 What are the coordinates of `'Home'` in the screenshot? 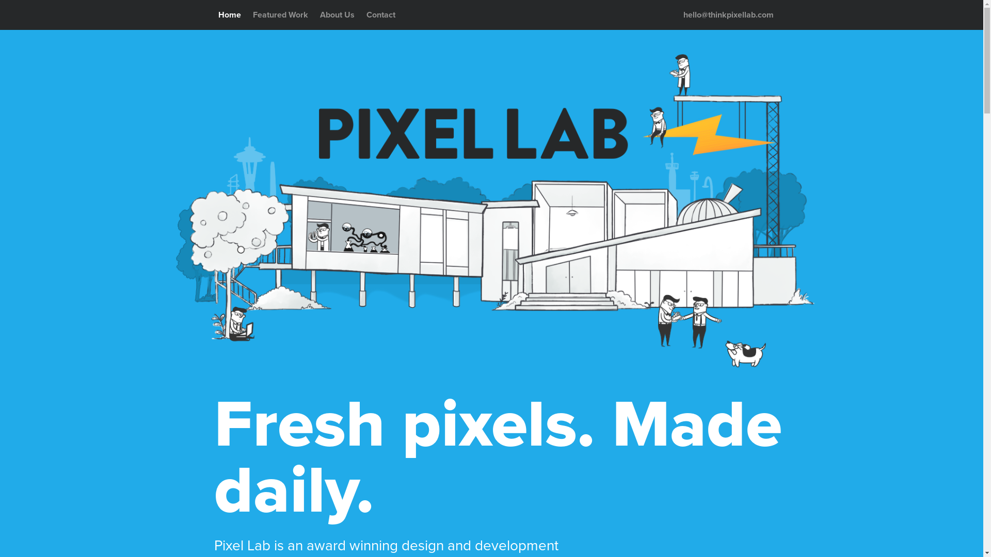 It's located at (229, 15).